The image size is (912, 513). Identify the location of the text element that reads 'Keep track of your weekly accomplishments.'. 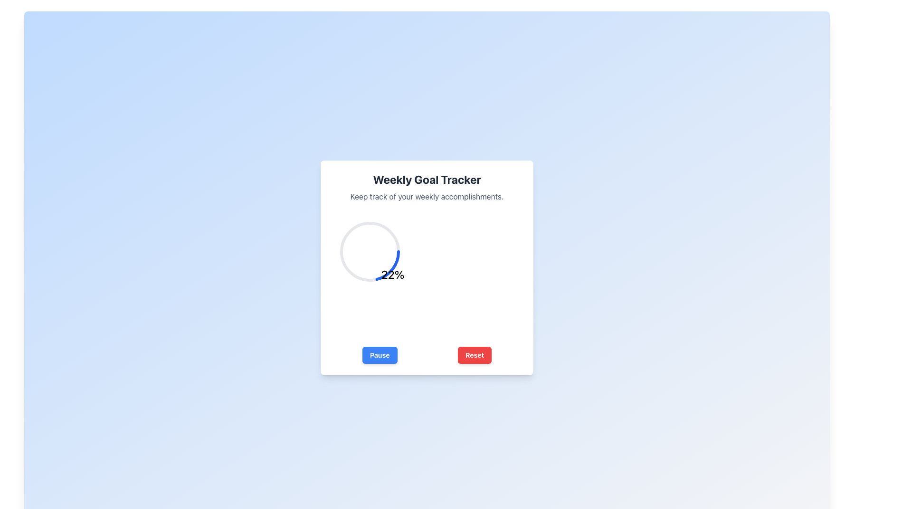
(426, 196).